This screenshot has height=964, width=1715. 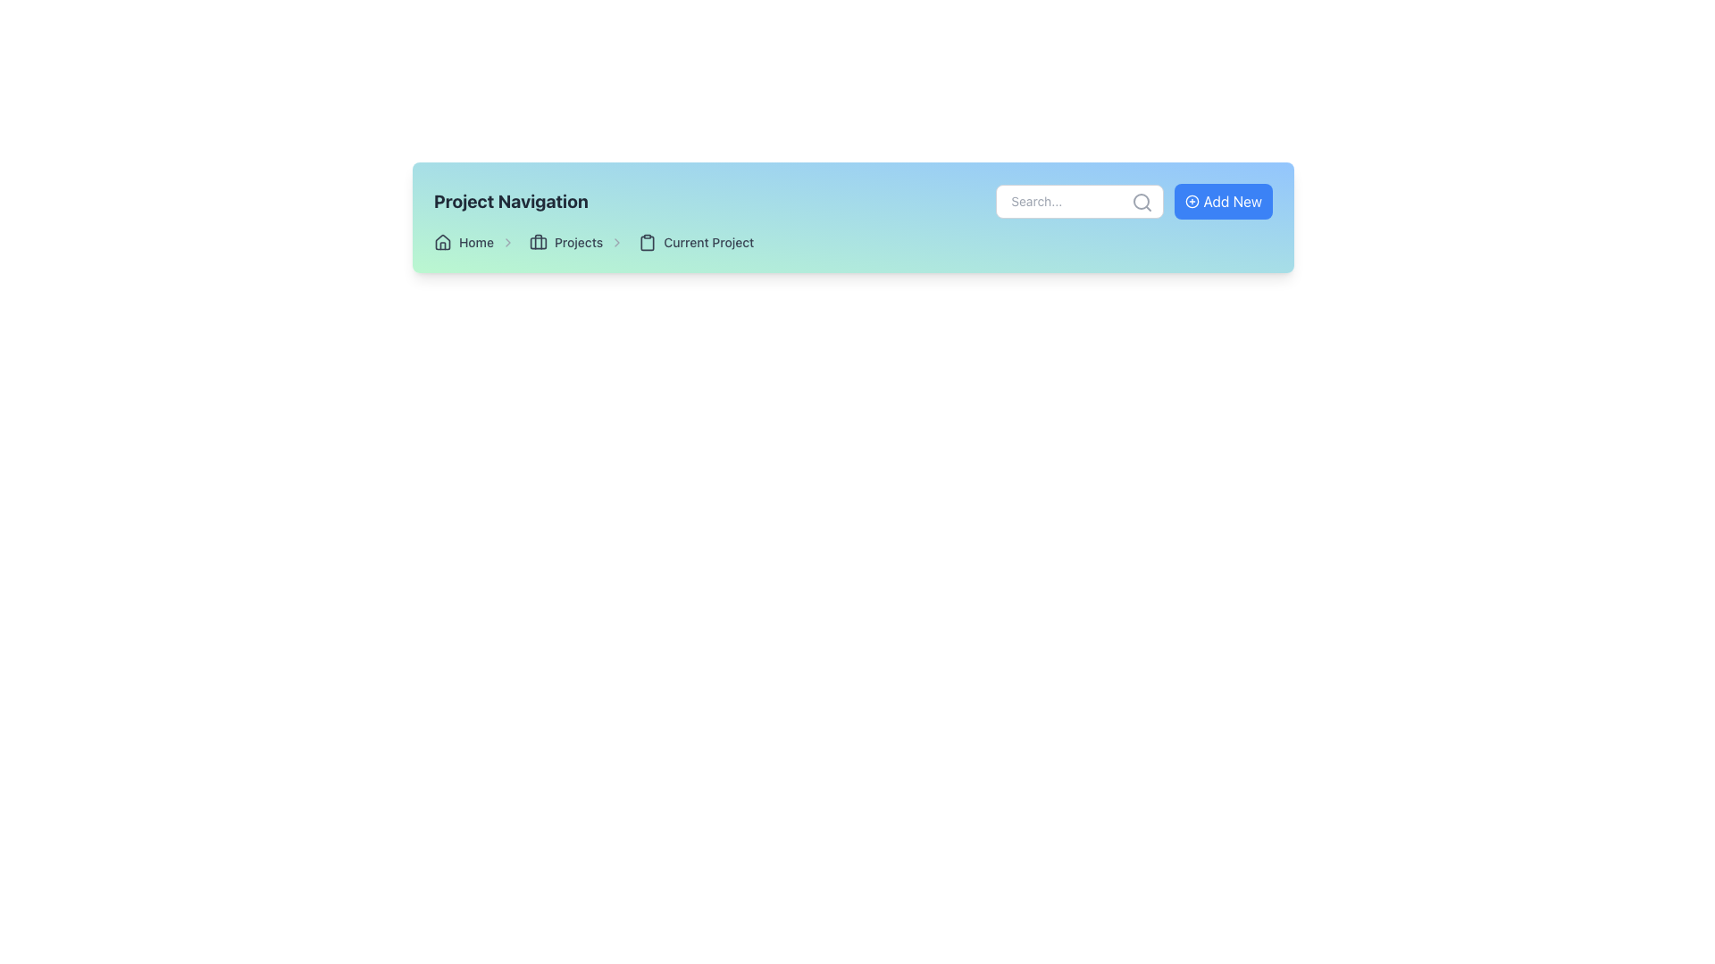 What do you see at coordinates (538, 241) in the screenshot?
I see `left vertical bar inside the briefcase icon representing the 'Projects' section of the breadcrumb in the navigation bar` at bounding box center [538, 241].